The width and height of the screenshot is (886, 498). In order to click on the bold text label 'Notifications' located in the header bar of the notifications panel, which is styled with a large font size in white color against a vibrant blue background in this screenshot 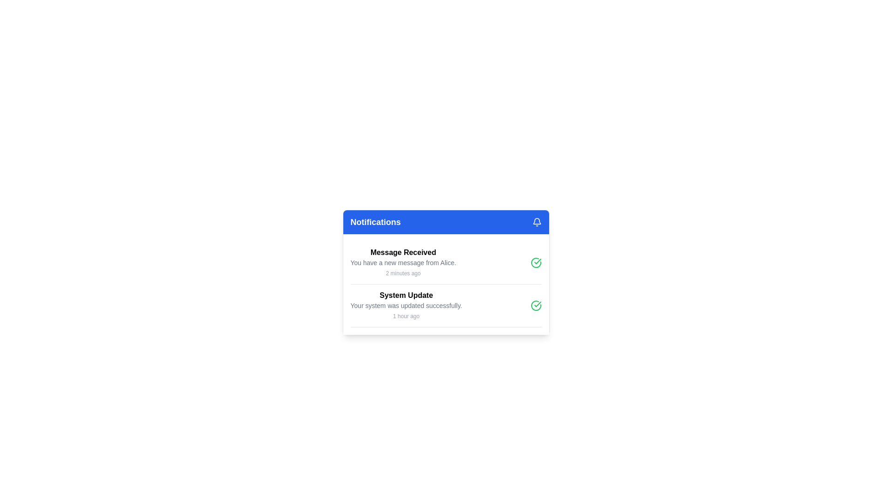, I will do `click(376, 222)`.